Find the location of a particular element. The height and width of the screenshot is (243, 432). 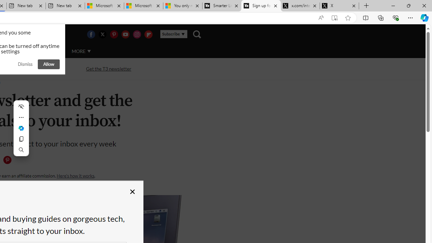

'Visit us on Twitter' is located at coordinates (102, 34).